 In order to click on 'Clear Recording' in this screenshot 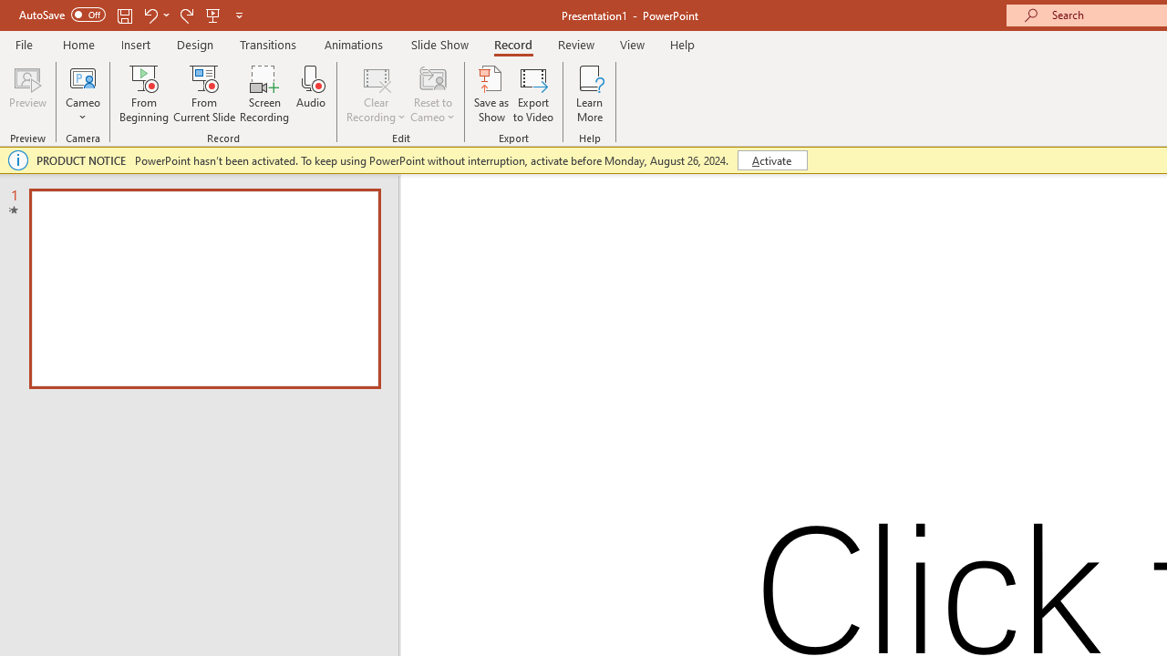, I will do `click(375, 94)`.